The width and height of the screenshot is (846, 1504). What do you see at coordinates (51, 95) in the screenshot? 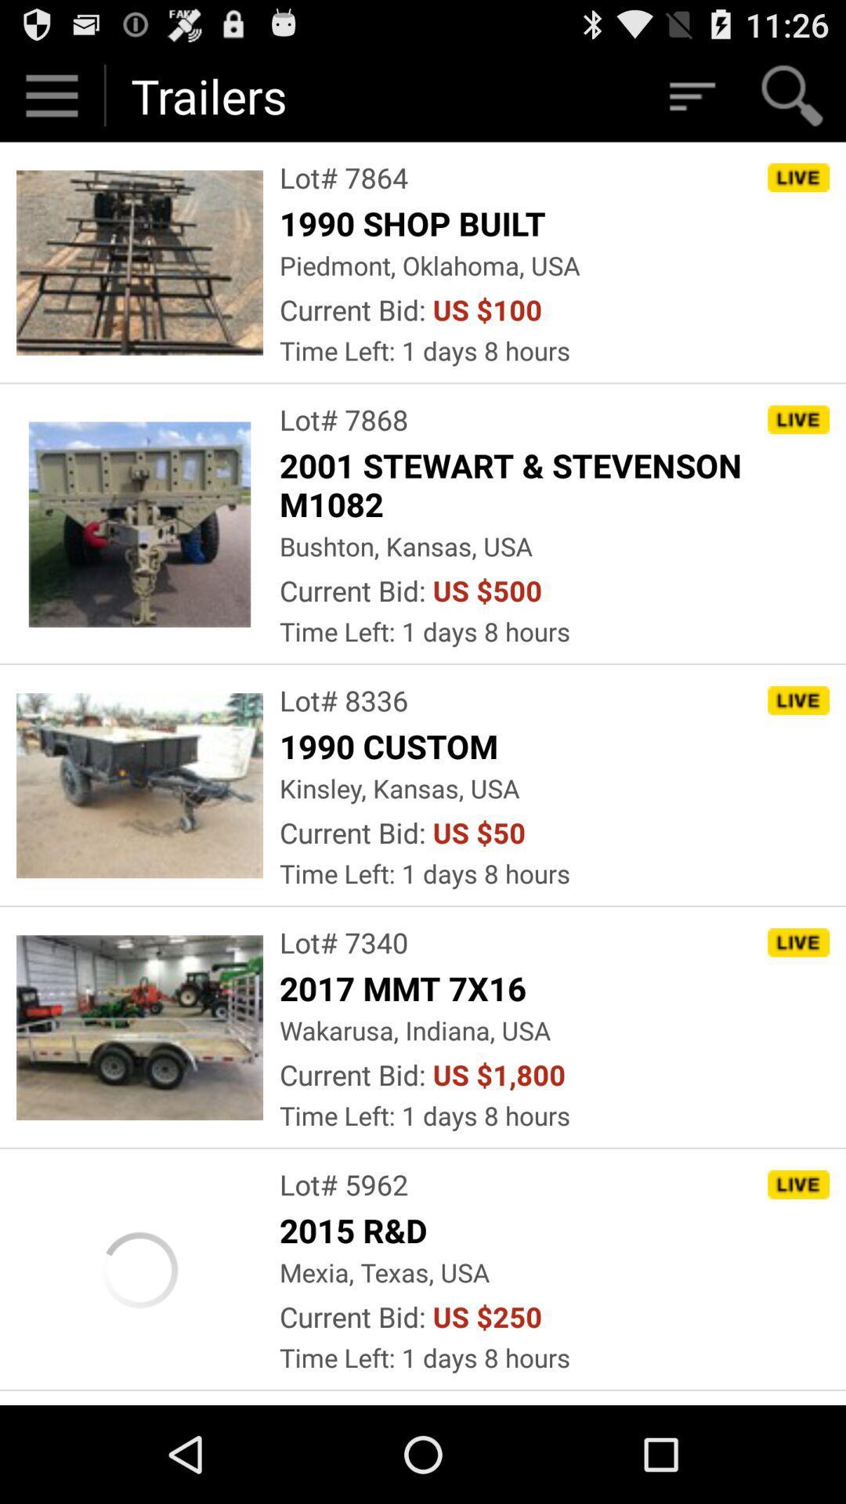
I see `settings` at bounding box center [51, 95].